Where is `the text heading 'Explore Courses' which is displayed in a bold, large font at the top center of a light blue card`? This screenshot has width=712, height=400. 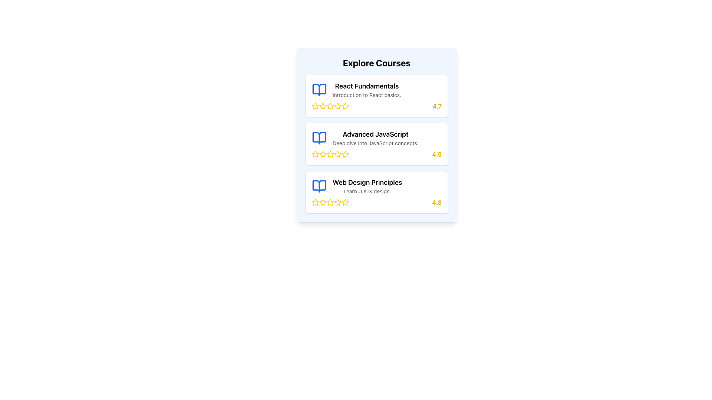
the text heading 'Explore Courses' which is displayed in a bold, large font at the top center of a light blue card is located at coordinates (377, 62).